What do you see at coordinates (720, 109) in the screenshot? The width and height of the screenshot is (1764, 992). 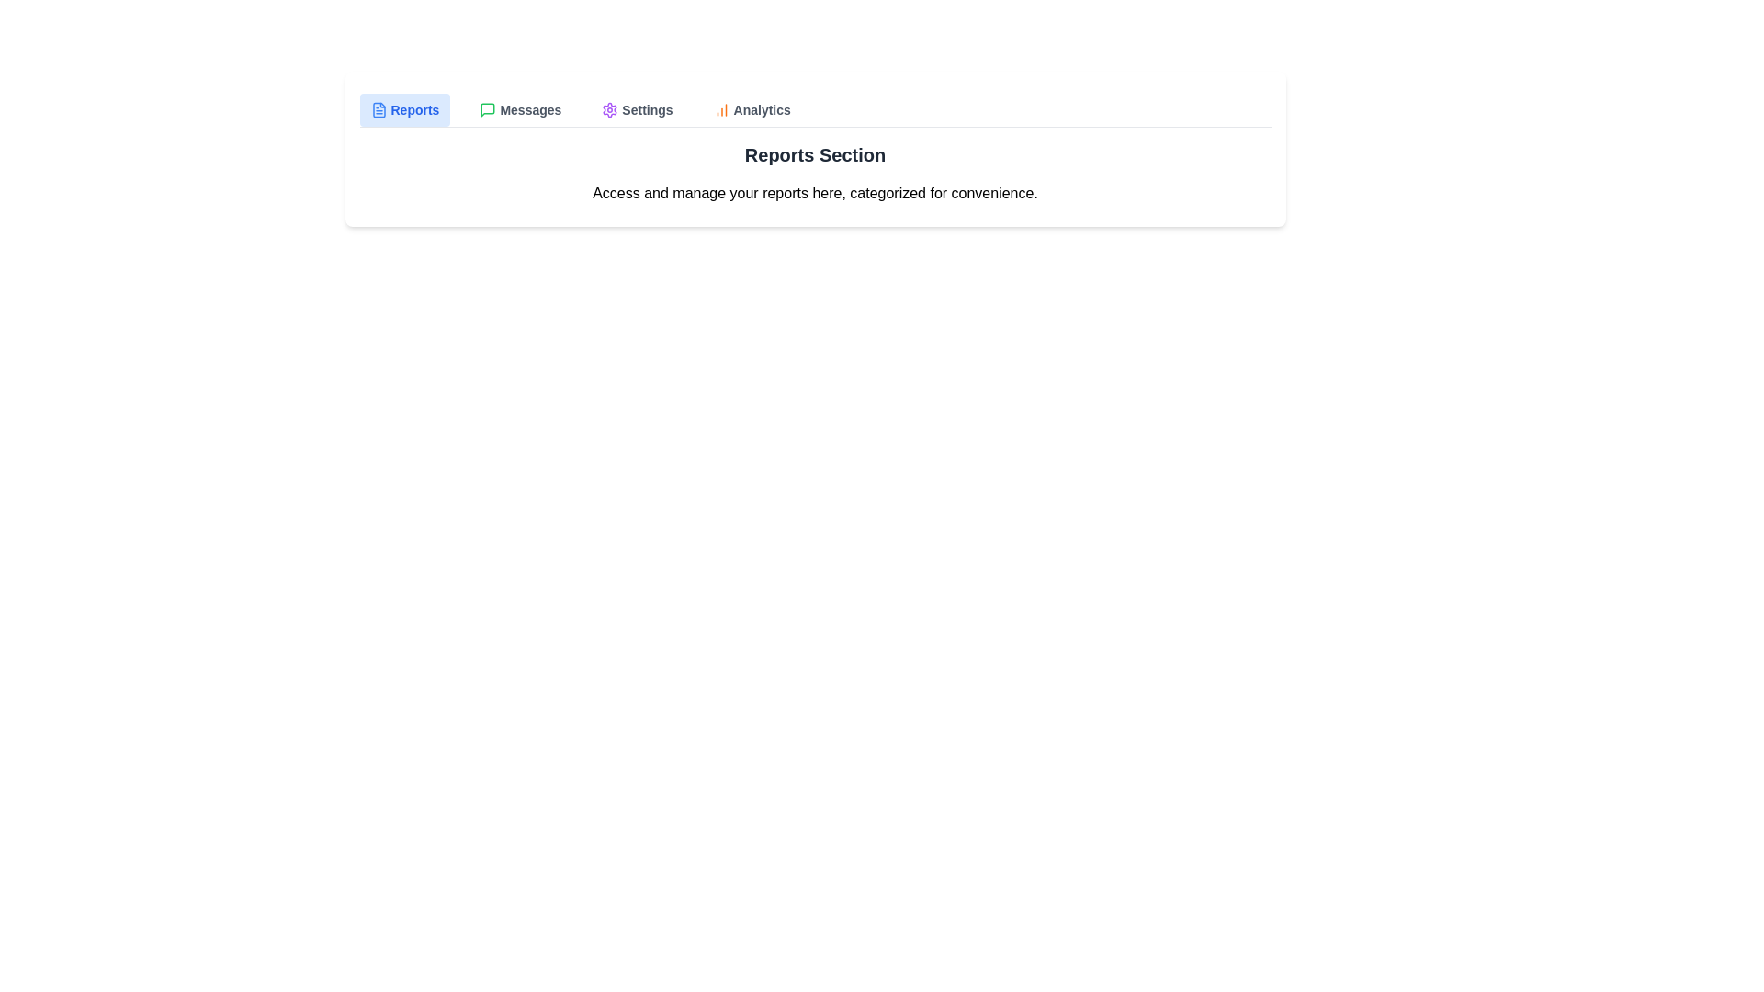 I see `the 'Analytics' icon located to the left of the 'Analytics' text in the navigation bar` at bounding box center [720, 109].